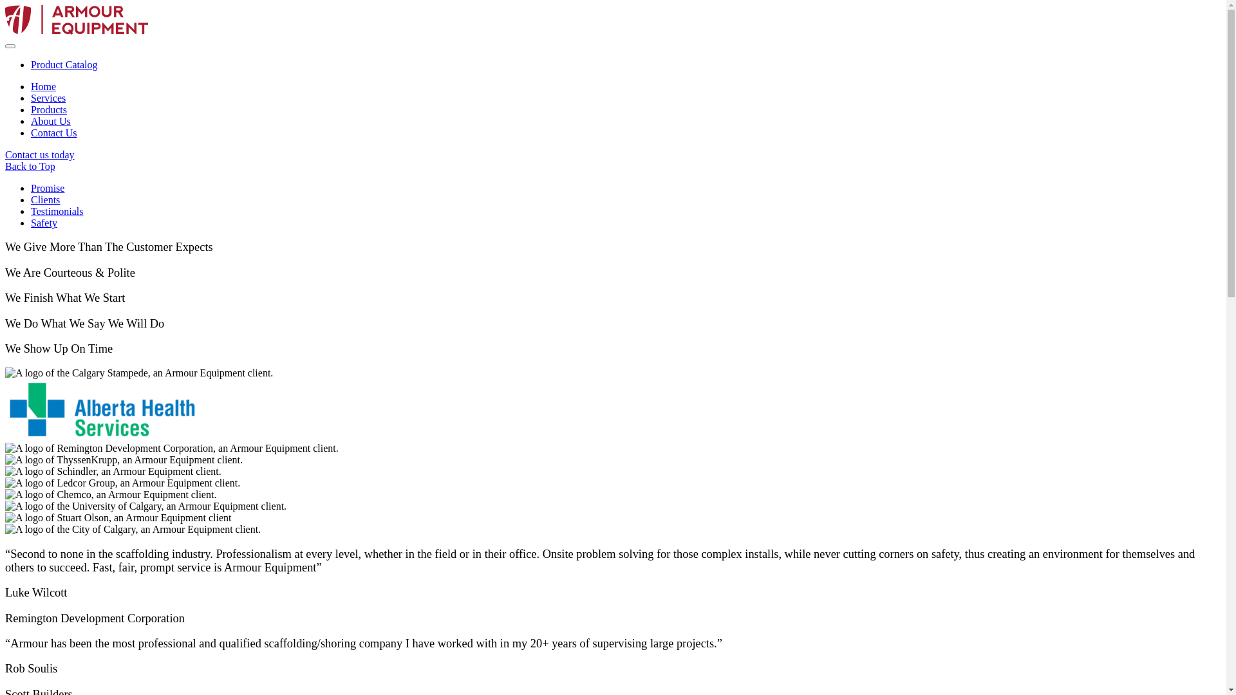 This screenshot has height=695, width=1236. Describe the element at coordinates (48, 97) in the screenshot. I see `'Services'` at that location.